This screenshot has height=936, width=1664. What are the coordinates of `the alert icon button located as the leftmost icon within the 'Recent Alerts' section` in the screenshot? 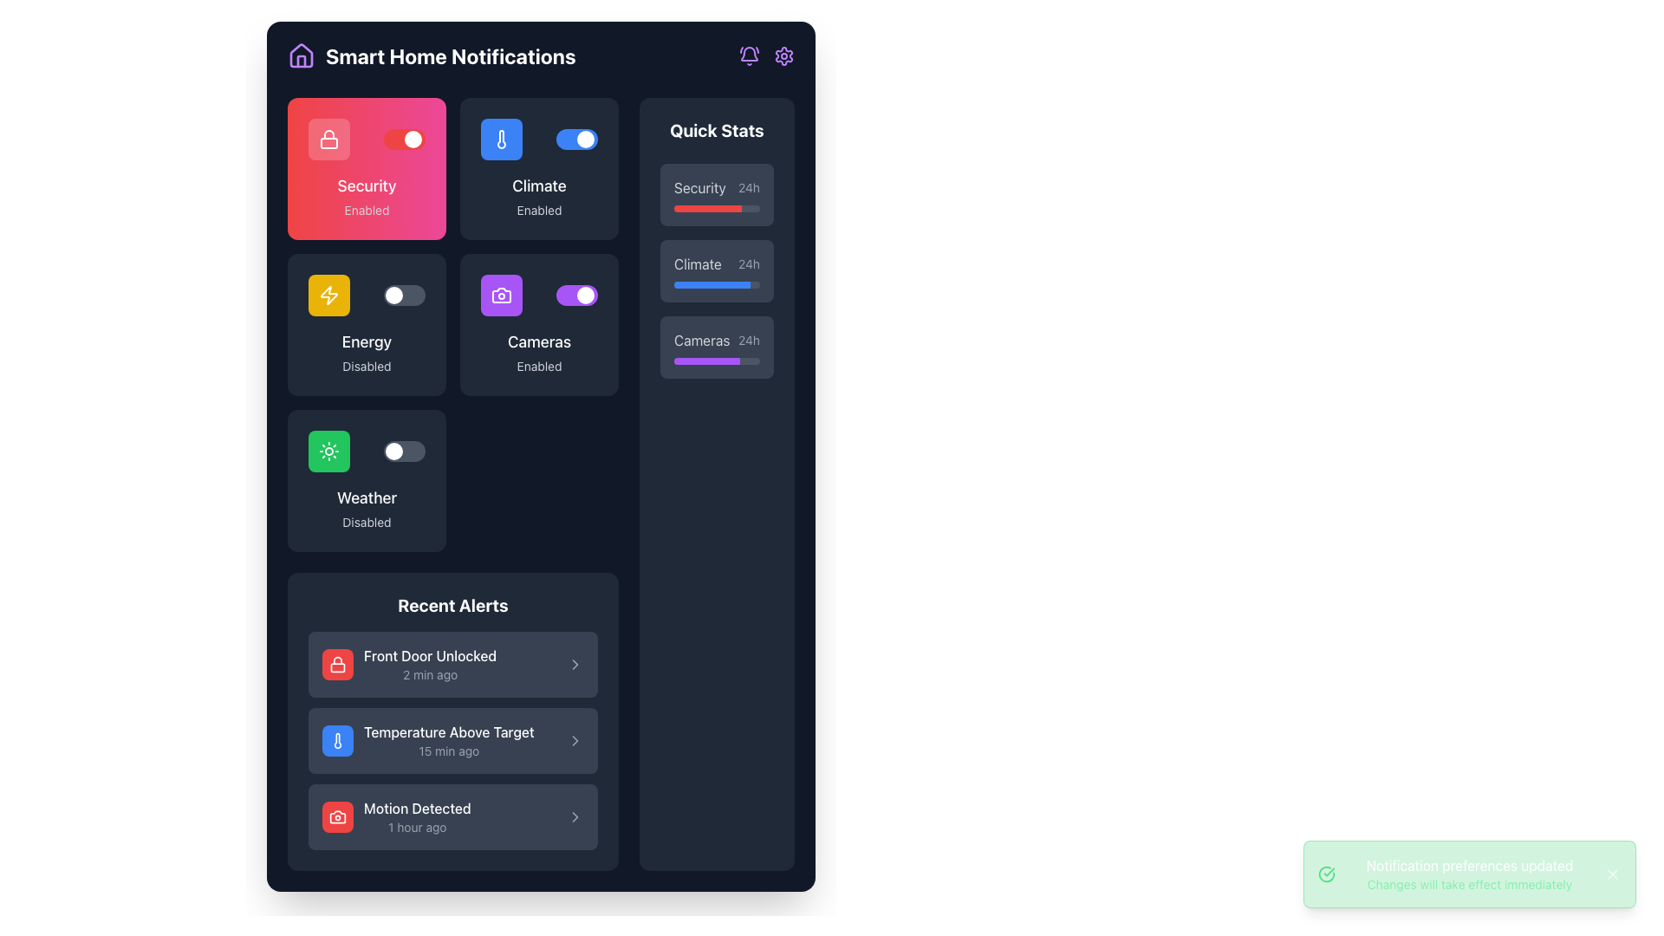 It's located at (337, 816).